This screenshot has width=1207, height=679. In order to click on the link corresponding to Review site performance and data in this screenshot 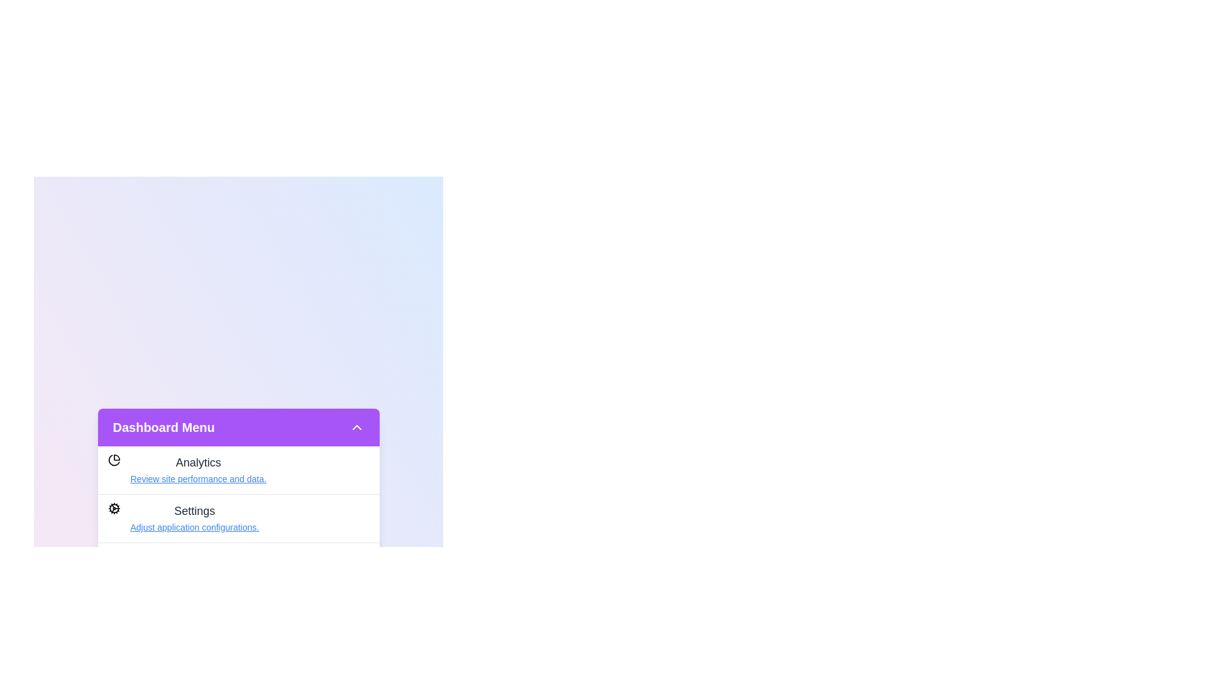, I will do `click(197, 479)`.